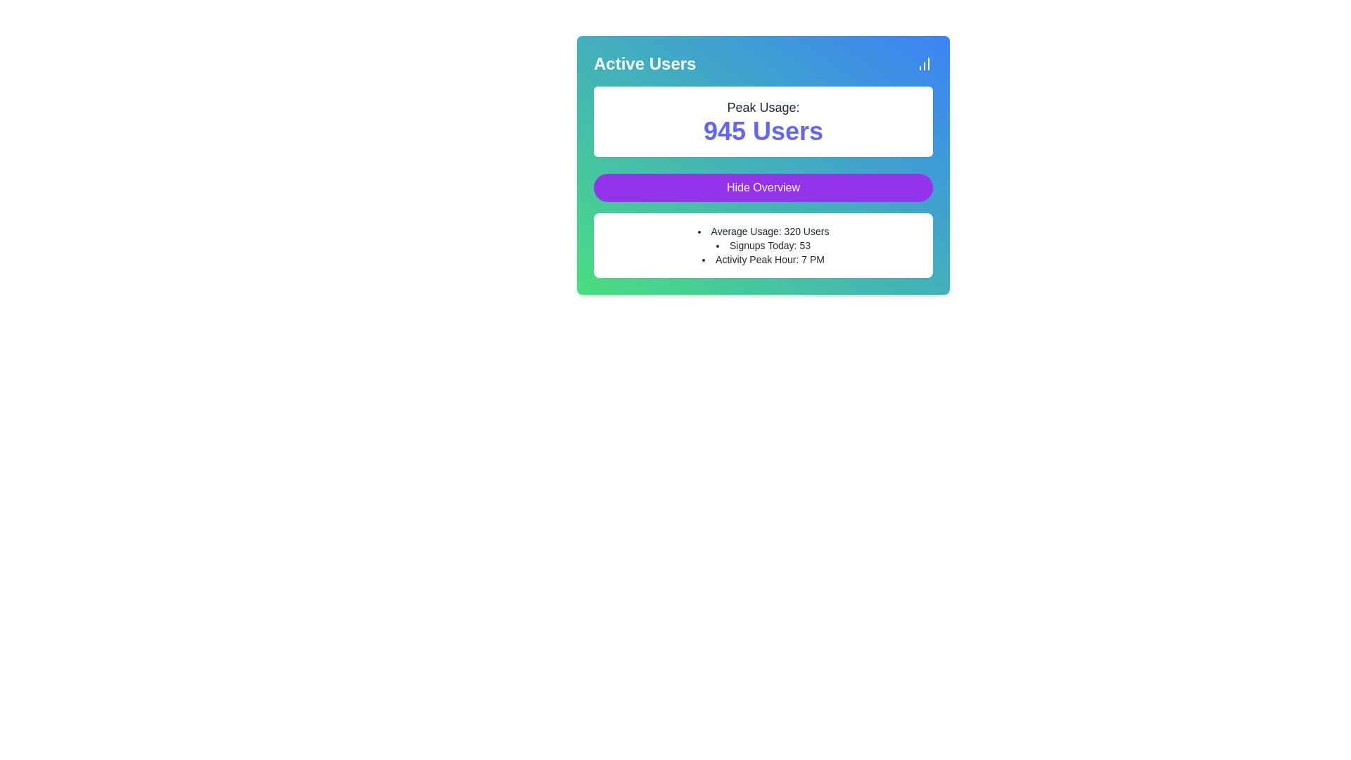  What do you see at coordinates (762, 186) in the screenshot?
I see `the 'Hide Overview' text label inside the purple button` at bounding box center [762, 186].